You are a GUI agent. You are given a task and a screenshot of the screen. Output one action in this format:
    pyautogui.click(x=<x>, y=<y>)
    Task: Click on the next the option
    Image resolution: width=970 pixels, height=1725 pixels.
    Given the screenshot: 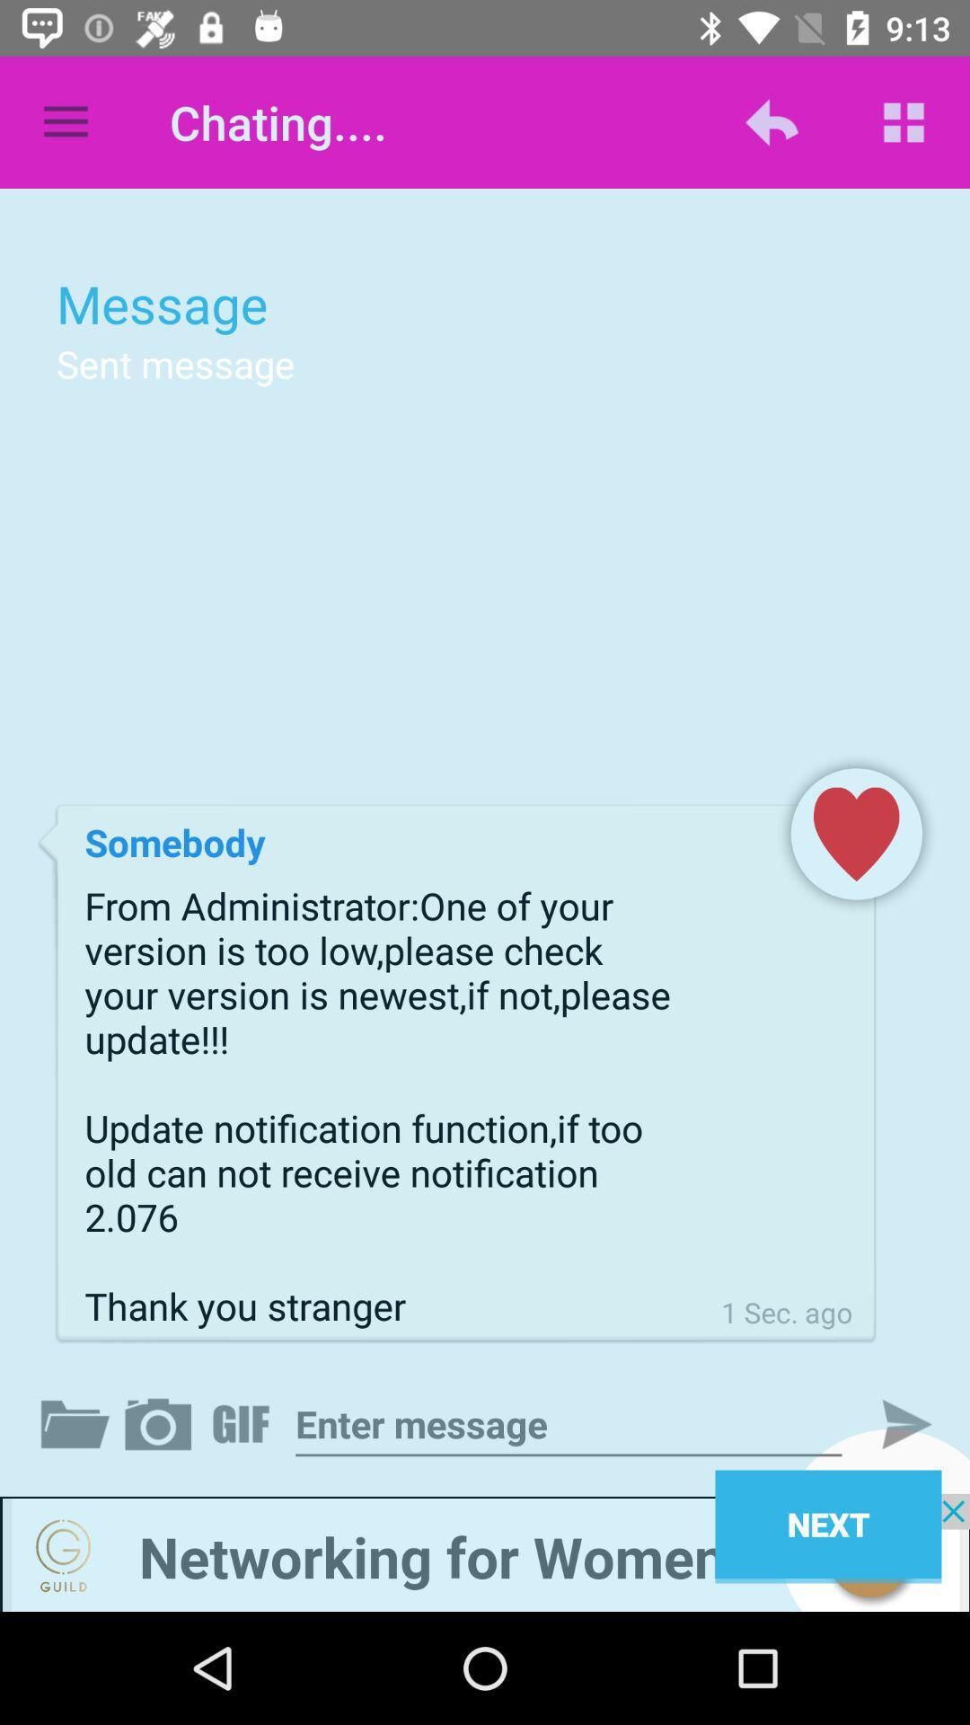 What is the action you would take?
    pyautogui.click(x=891, y=1423)
    